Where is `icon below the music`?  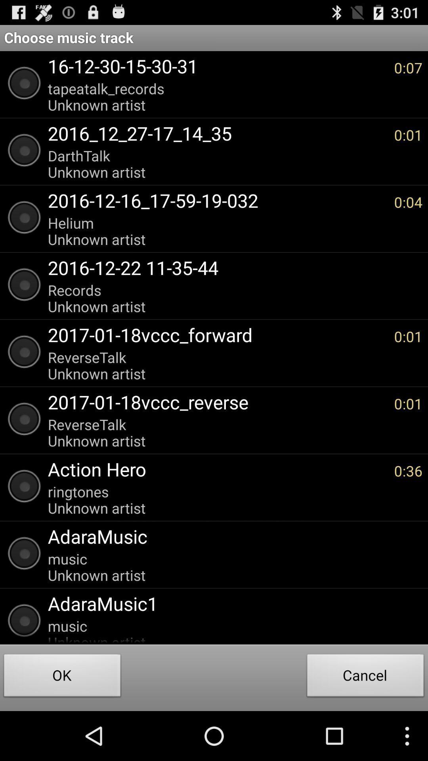 icon below the music is located at coordinates (231, 603).